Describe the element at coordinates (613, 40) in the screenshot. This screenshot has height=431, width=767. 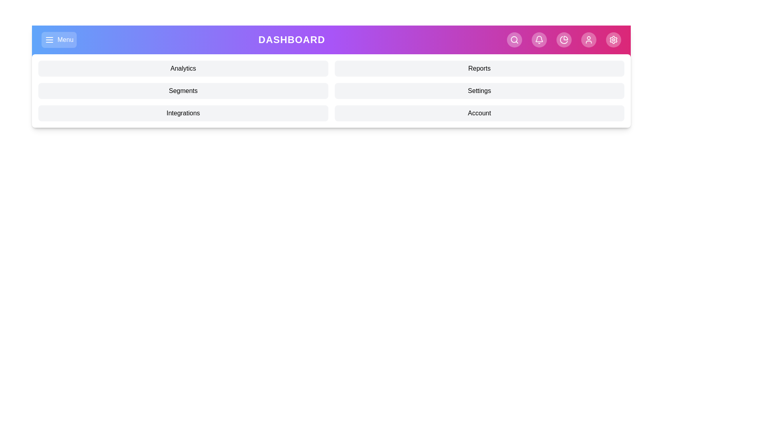
I see `the Settings navigation icon` at that location.